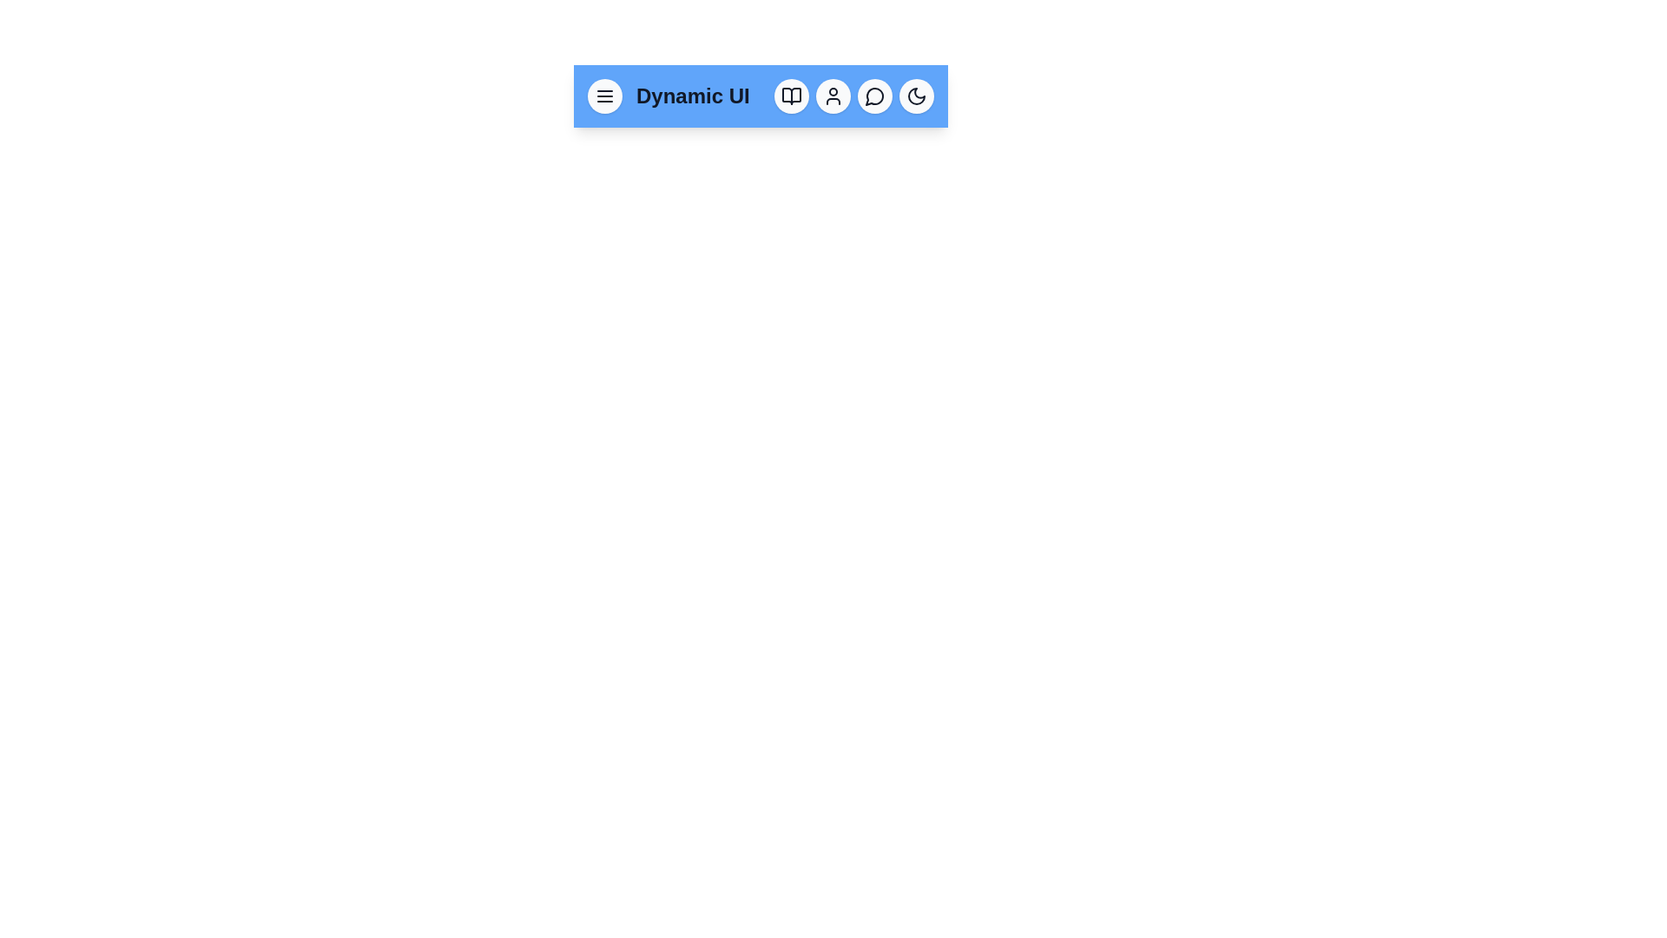 This screenshot has width=1667, height=938. I want to click on the user icon to view profile details, so click(833, 96).